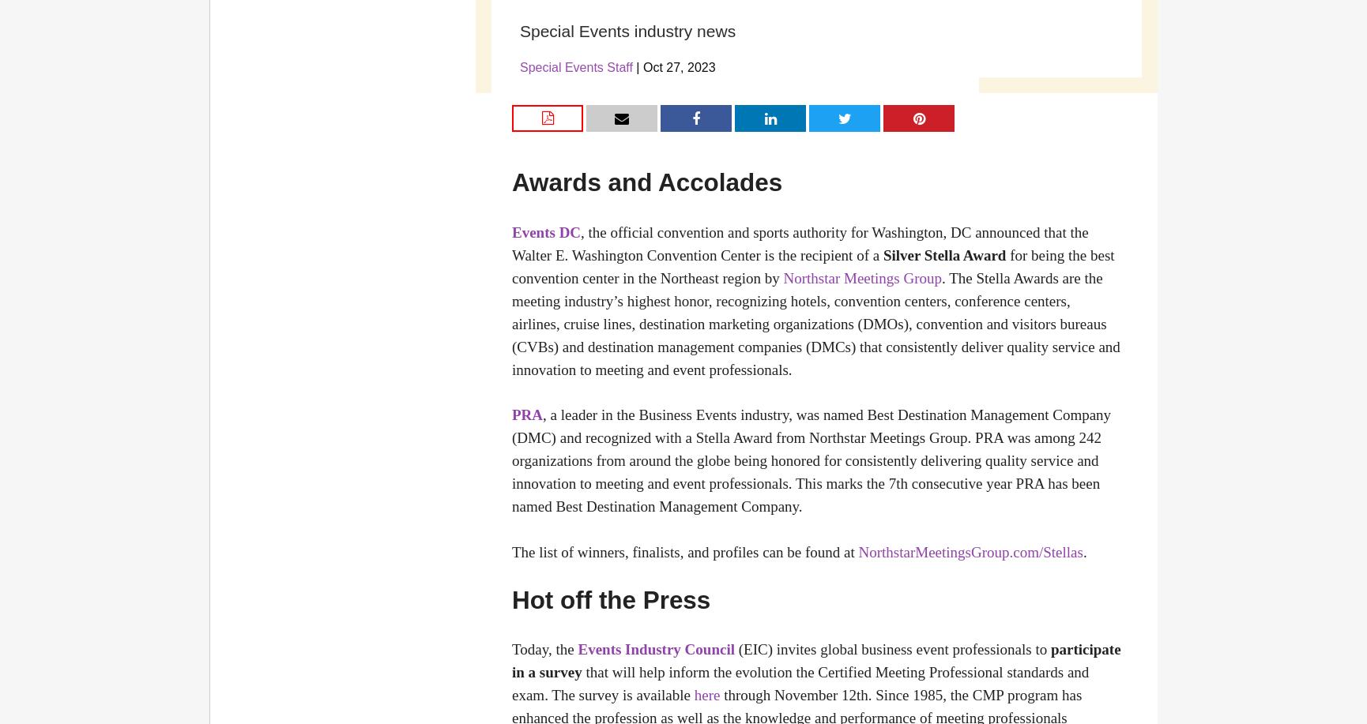 The height and width of the screenshot is (724, 1367). What do you see at coordinates (685, 551) in the screenshot?
I see `'The list of winners, finalists, and profiles can be found at'` at bounding box center [685, 551].